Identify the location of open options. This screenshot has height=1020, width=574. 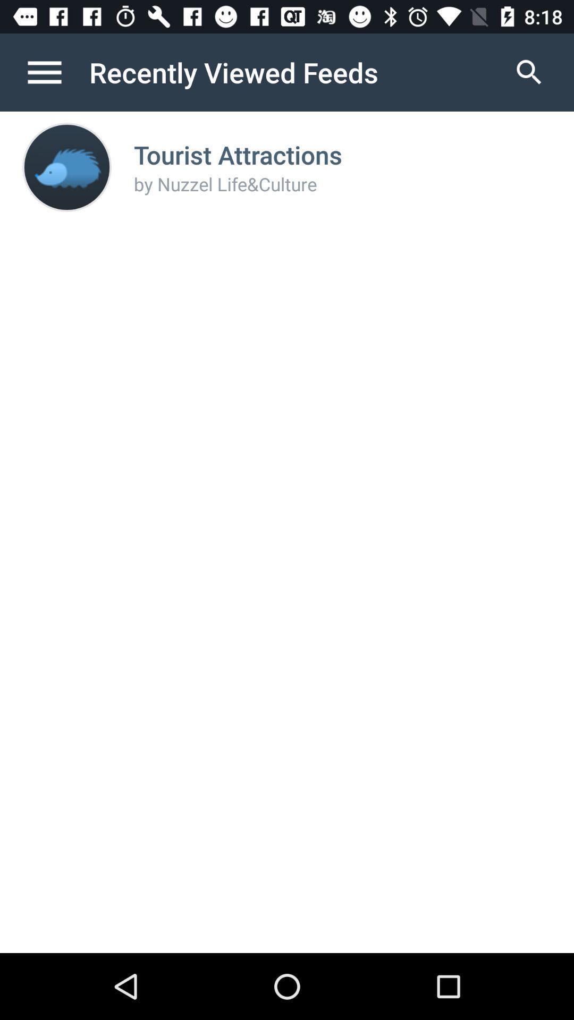
(55, 72).